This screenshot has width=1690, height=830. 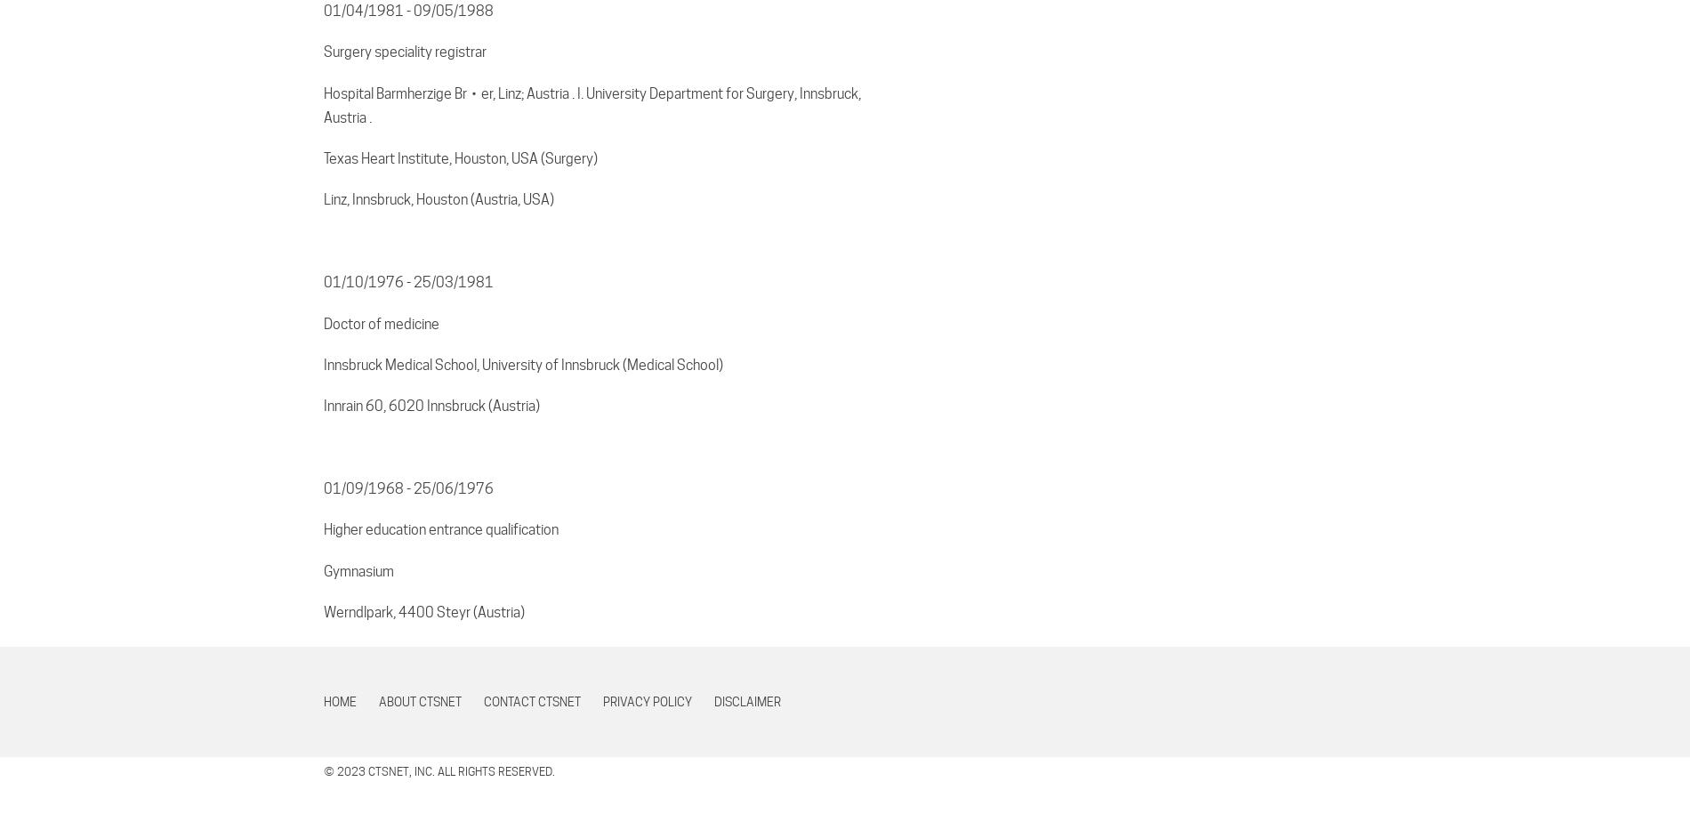 What do you see at coordinates (591, 104) in the screenshot?
I see `'Hospital Barmherzige Br・er, Linz; Austria . I. University Department for Surgery, Innsbruck, Austria .'` at bounding box center [591, 104].